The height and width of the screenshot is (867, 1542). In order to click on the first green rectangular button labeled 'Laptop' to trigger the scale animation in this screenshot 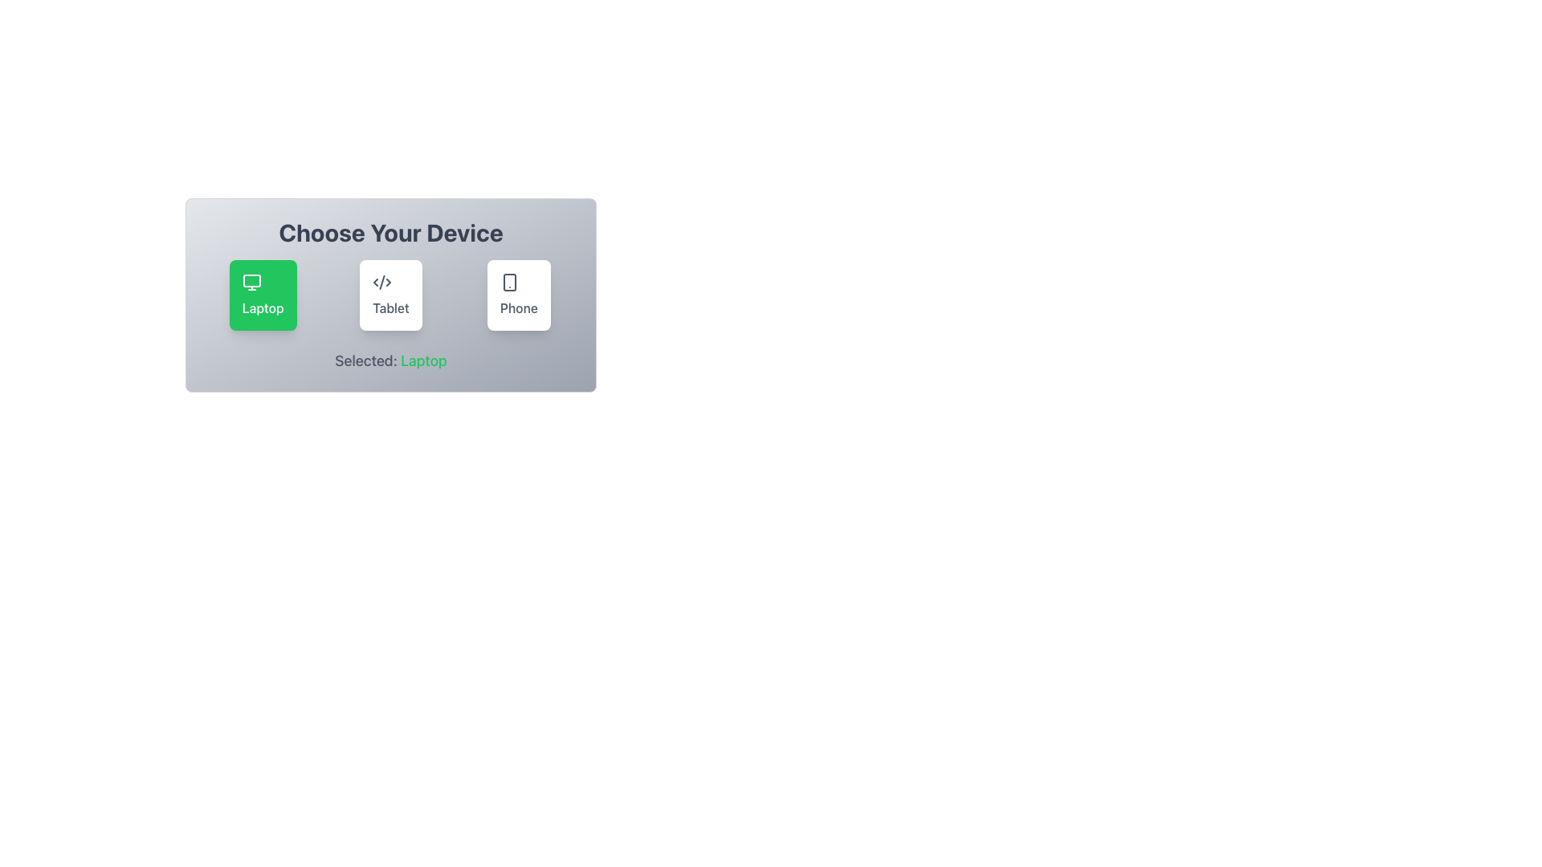, I will do `click(263, 295)`.